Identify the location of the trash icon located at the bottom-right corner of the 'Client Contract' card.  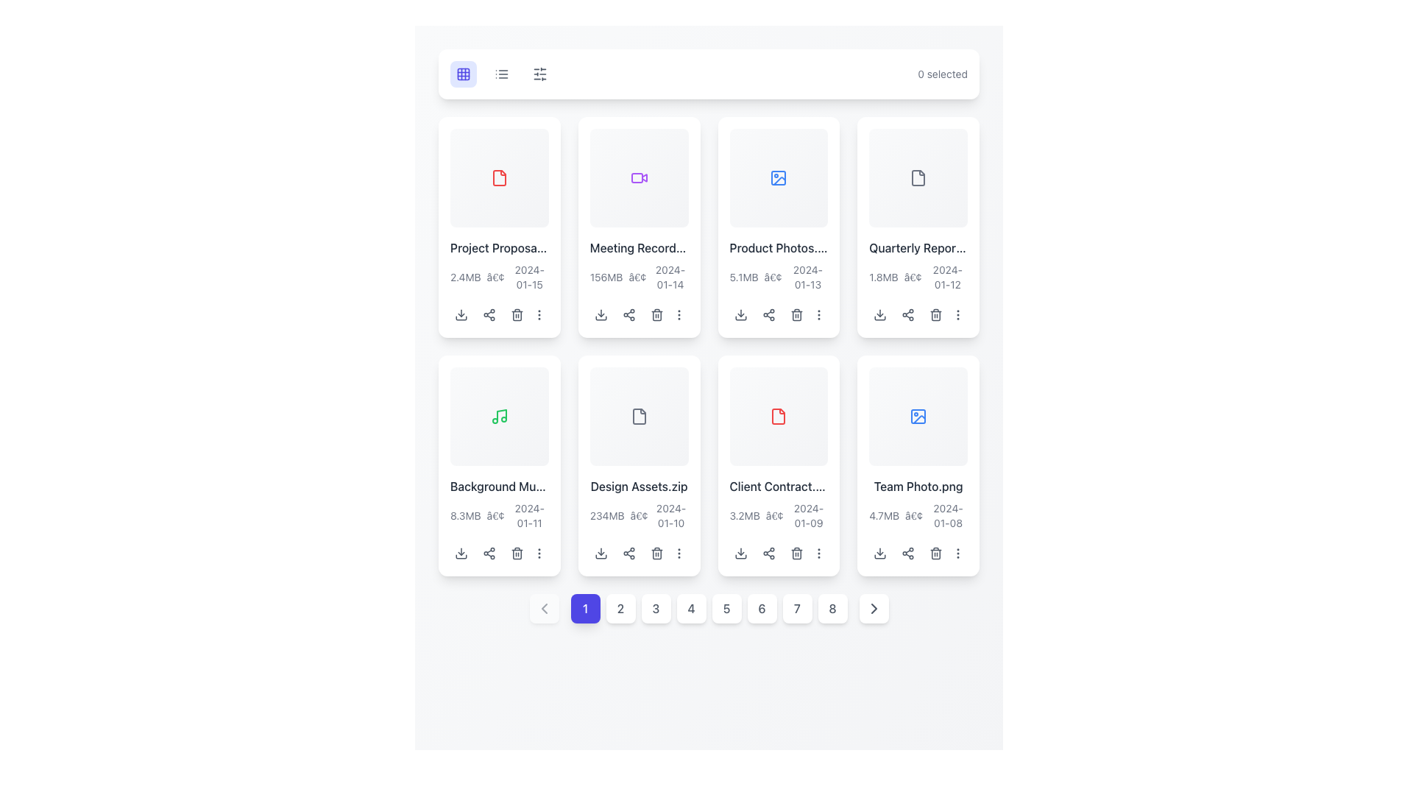
(796, 553).